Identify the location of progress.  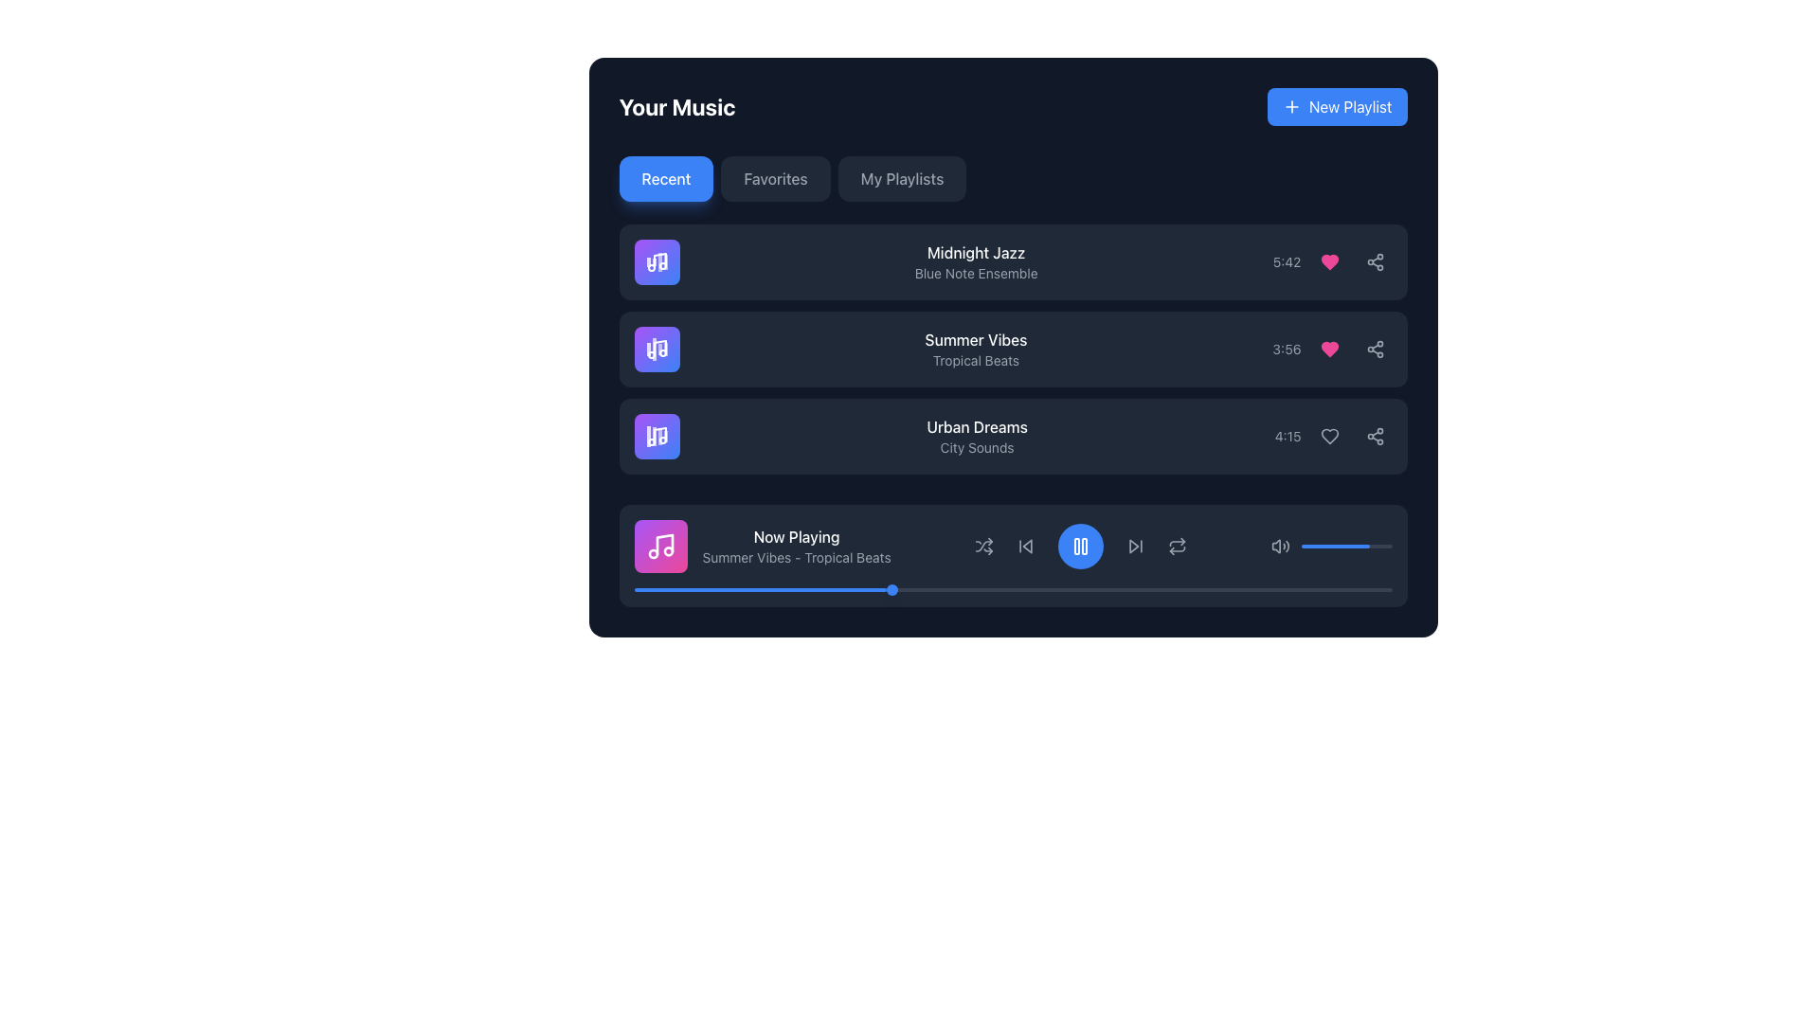
(1194, 589).